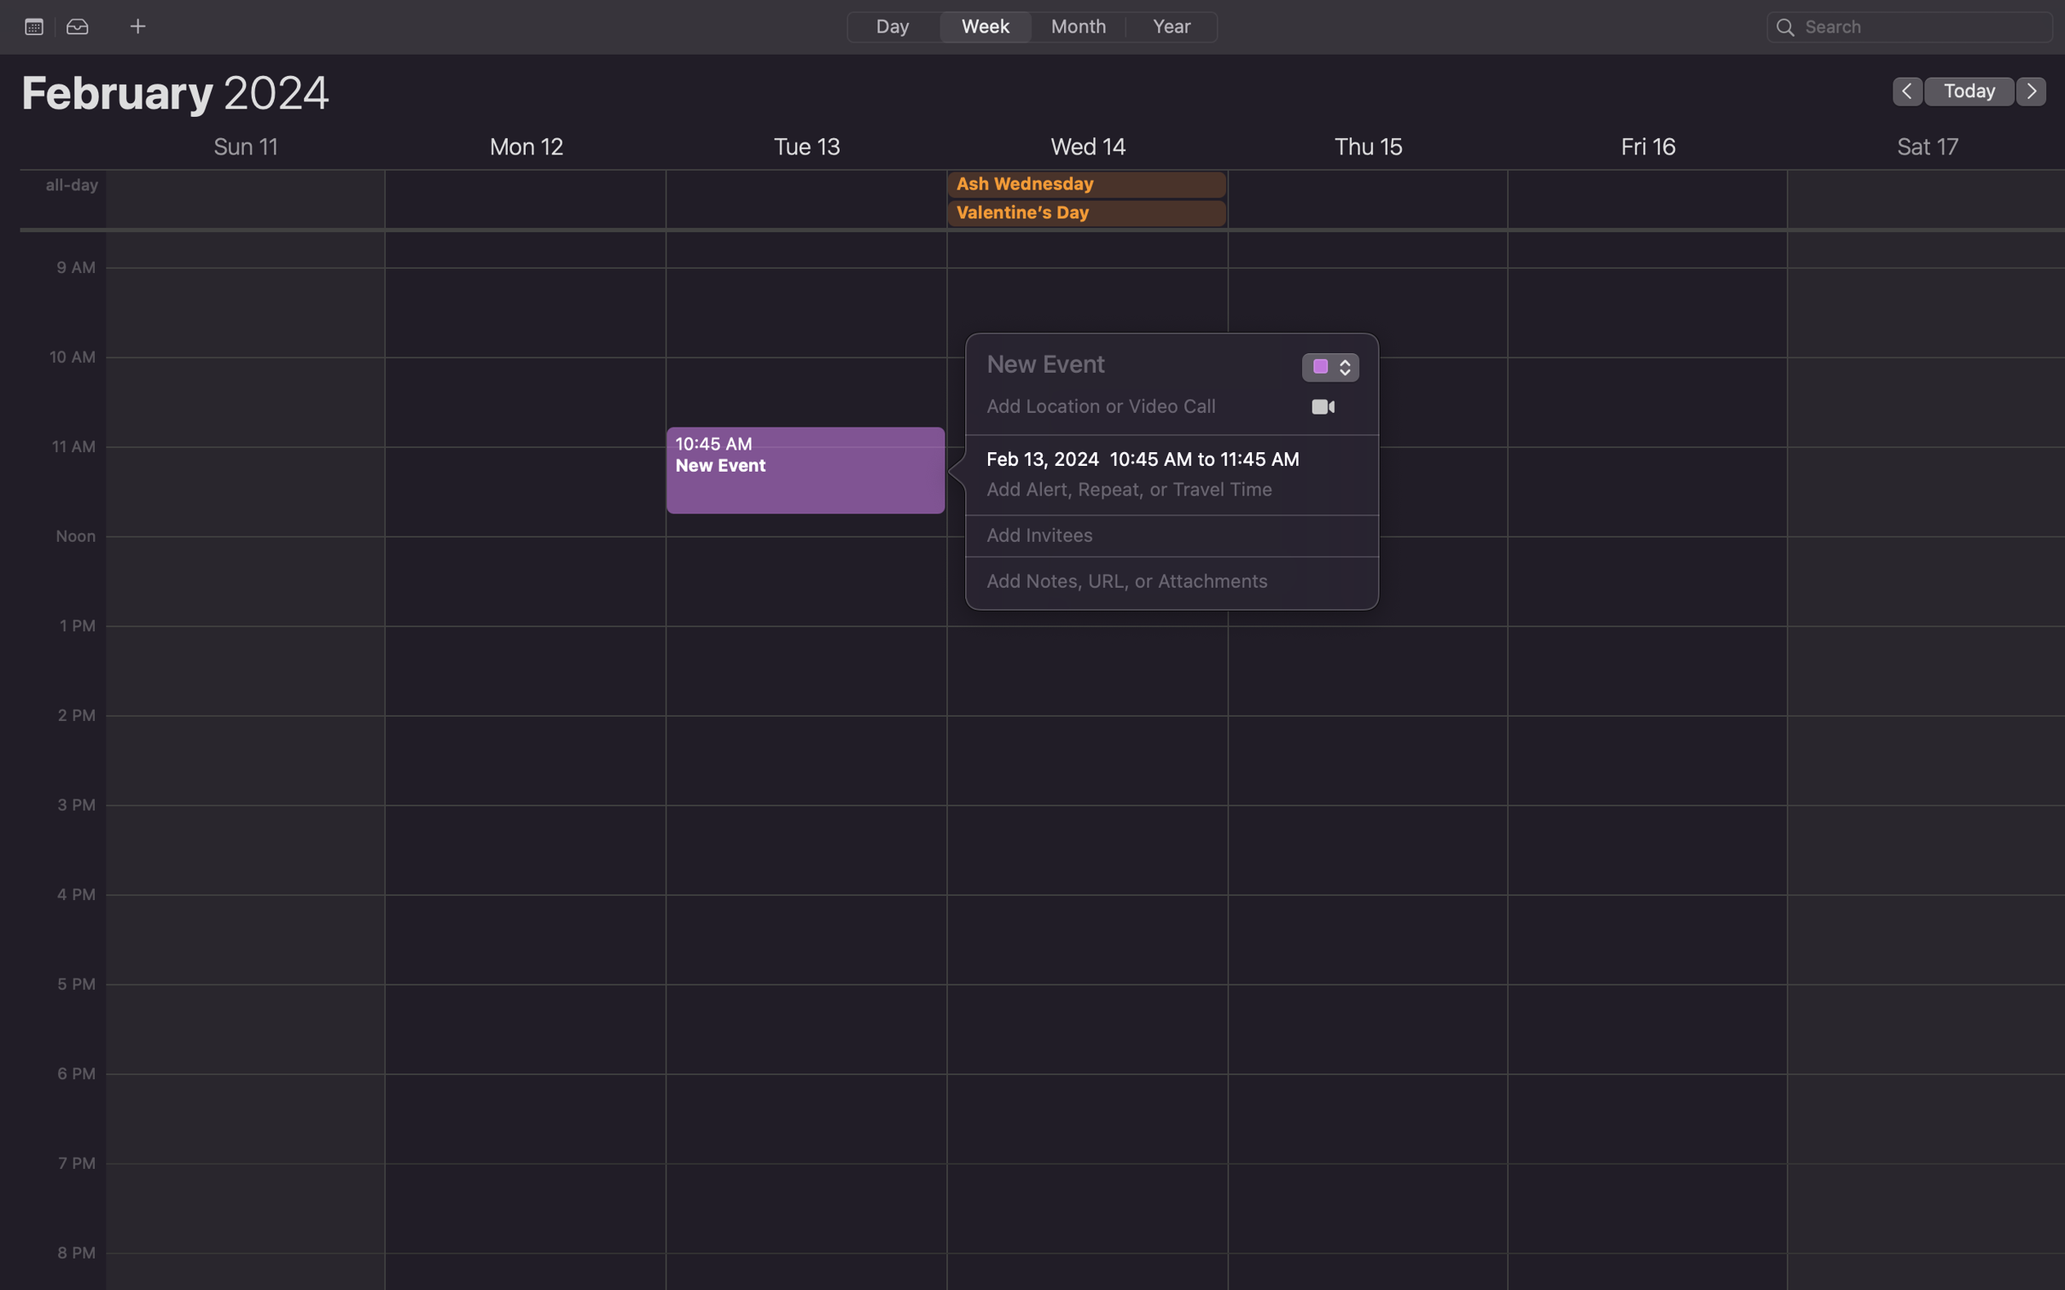  What do you see at coordinates (1318, 369) in the screenshot?
I see `Add the event type as "Team Building"` at bounding box center [1318, 369].